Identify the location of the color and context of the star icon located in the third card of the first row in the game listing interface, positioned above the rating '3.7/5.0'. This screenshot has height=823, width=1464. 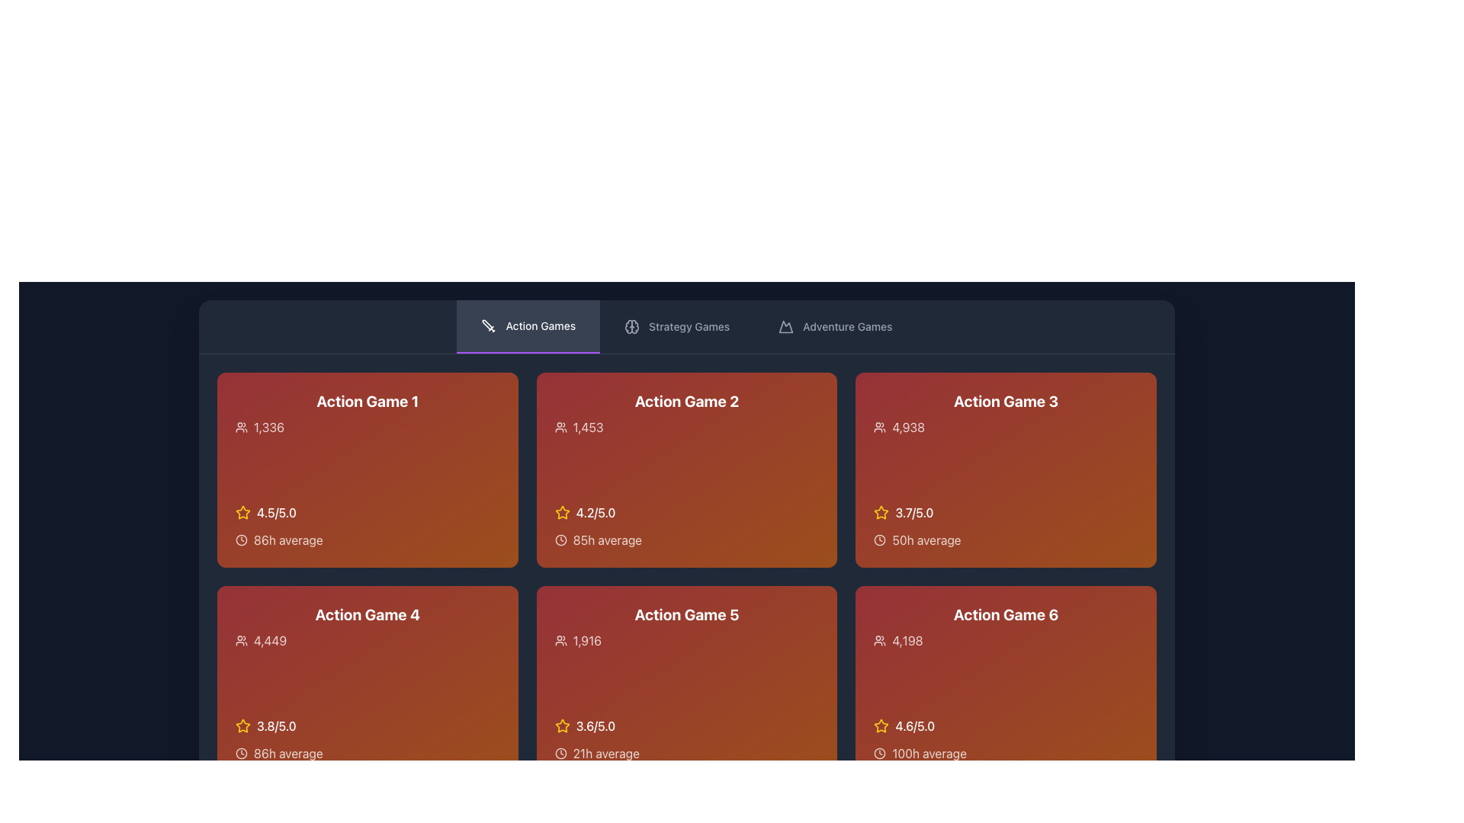
(881, 512).